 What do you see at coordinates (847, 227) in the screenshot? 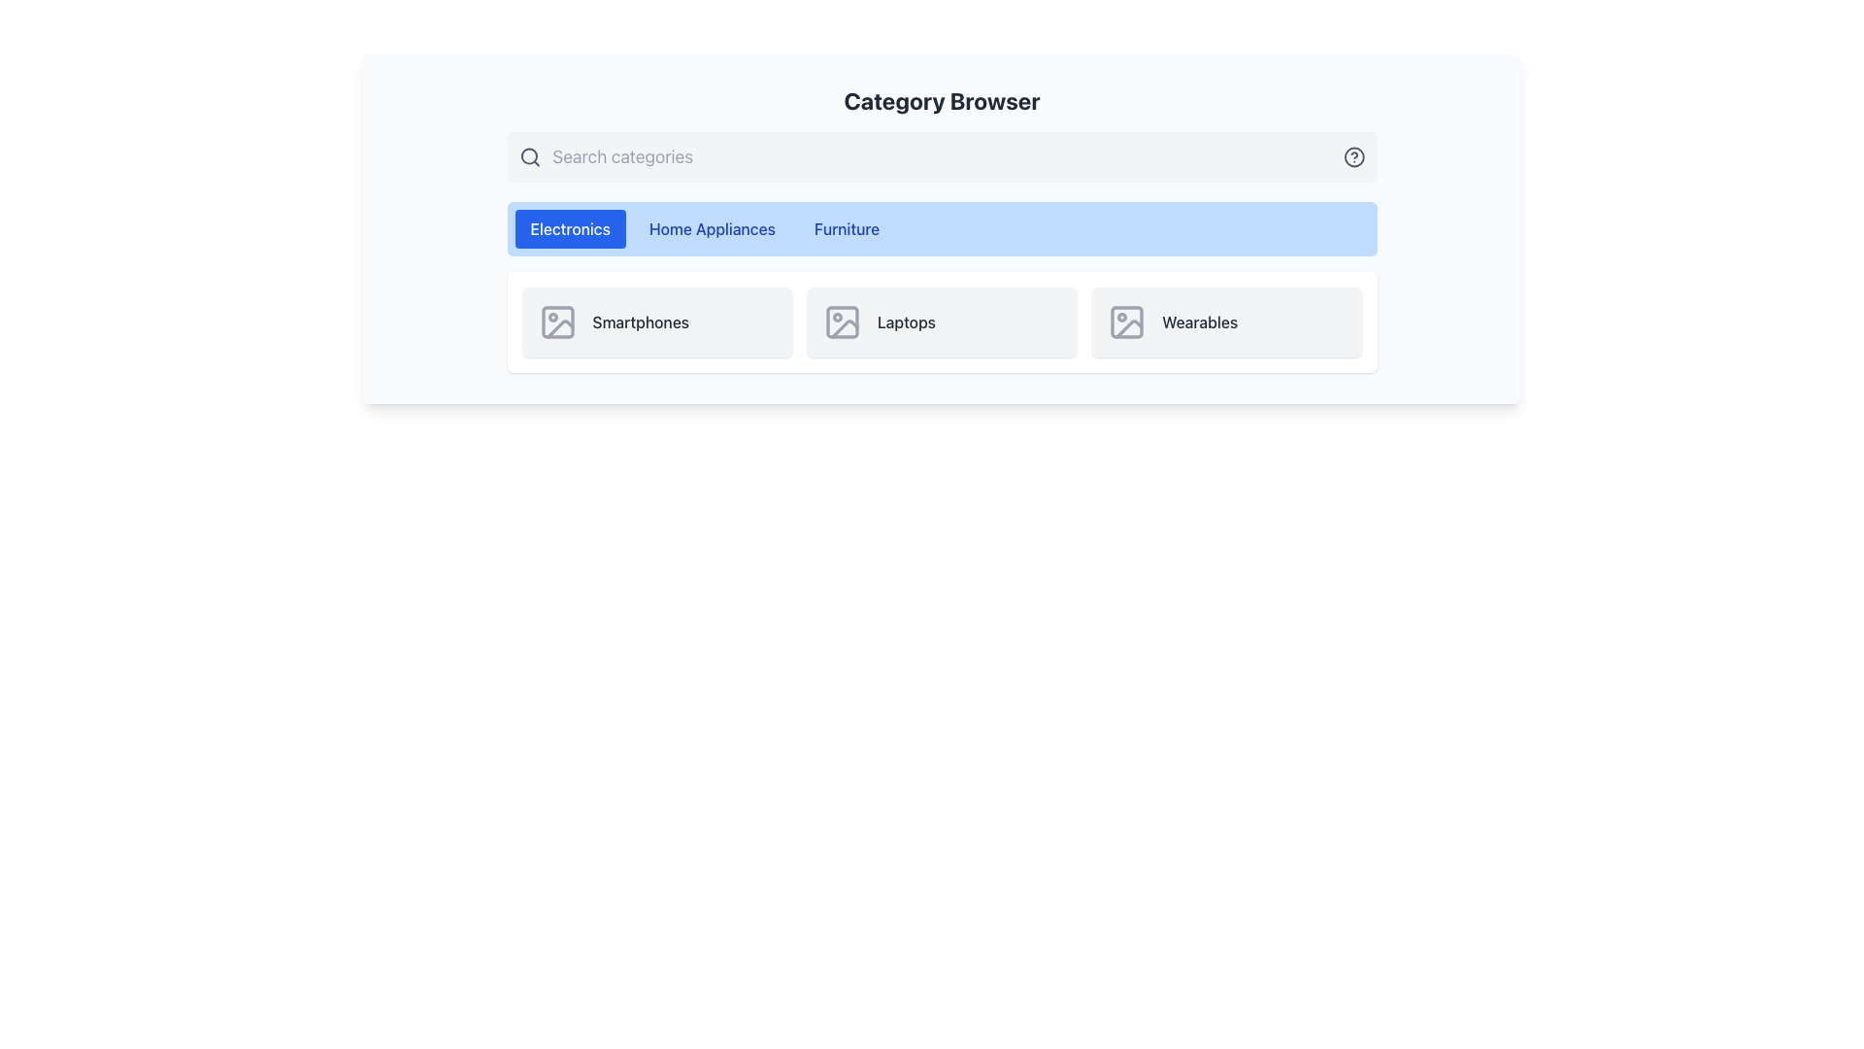
I see `the 'Furniture' tab button, which is the third tab in the horizontal list of tabs located in the upper-center part of the interface` at bounding box center [847, 227].